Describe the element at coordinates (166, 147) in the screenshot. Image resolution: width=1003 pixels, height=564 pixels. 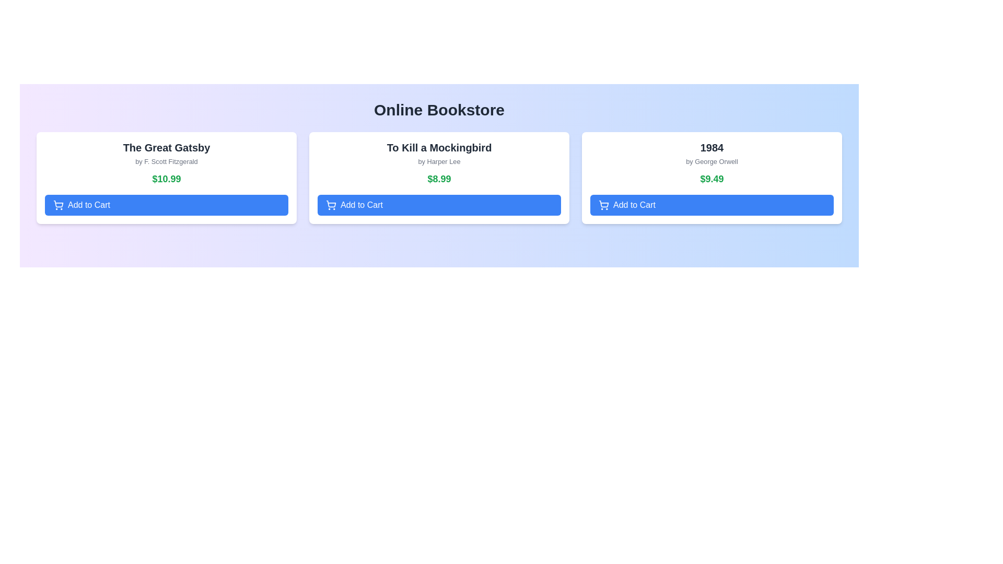
I see `the Text Label displaying the title of the book in the first product card, located above the subtitle 'by F. Scott Fitzgerald' and the price '$10.99'` at that location.